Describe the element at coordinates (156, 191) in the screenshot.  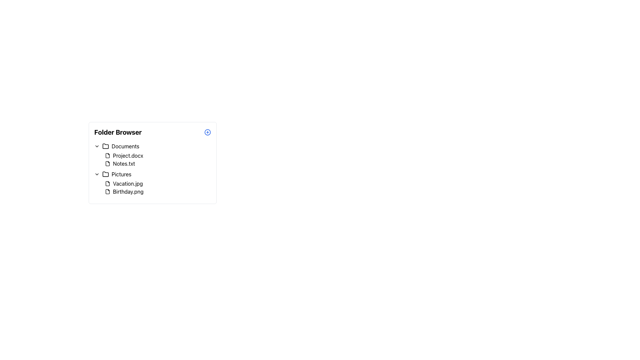
I see `the file representation element labeled 'Birthday.png'` at that location.